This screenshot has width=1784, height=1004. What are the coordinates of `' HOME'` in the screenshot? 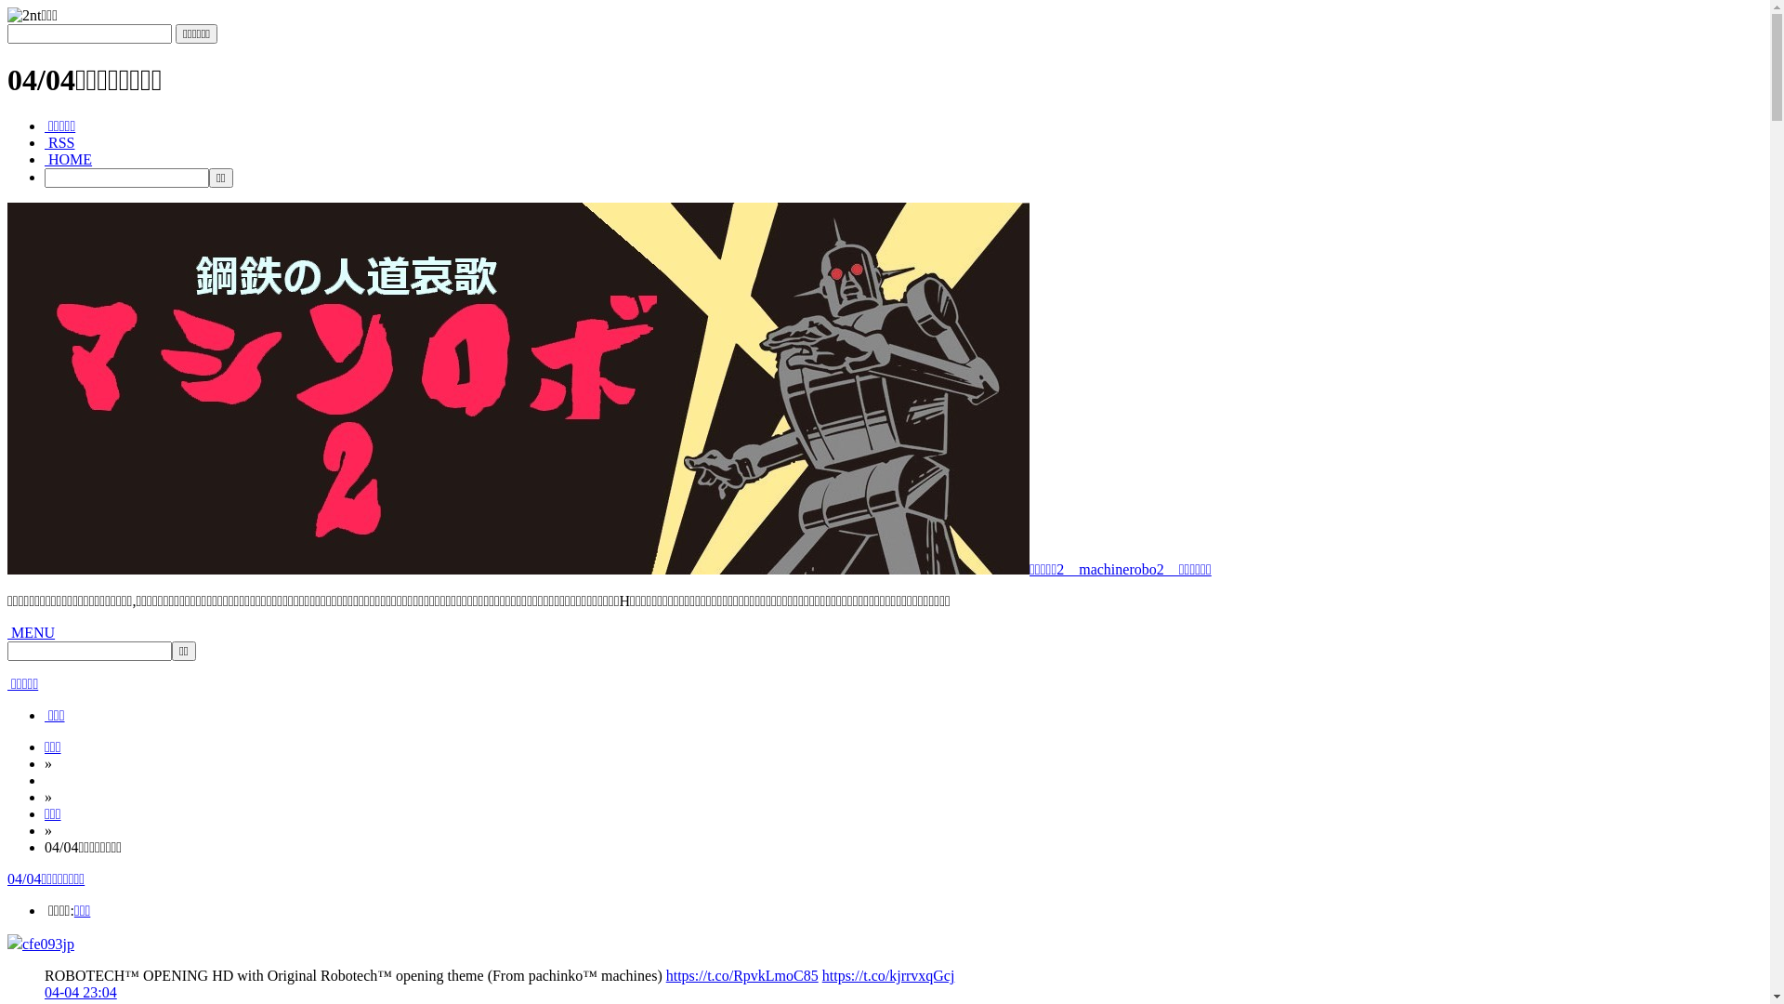 It's located at (68, 158).